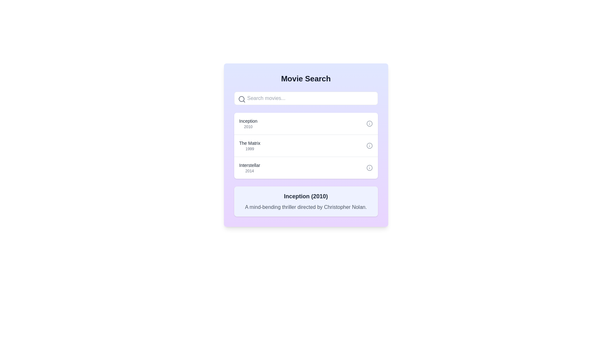  What do you see at coordinates (369, 146) in the screenshot?
I see `the information icon represented by a circular outline with an 'i' glyph, located to the far right of the row associated with 'The Matrix' (1999)` at bounding box center [369, 146].